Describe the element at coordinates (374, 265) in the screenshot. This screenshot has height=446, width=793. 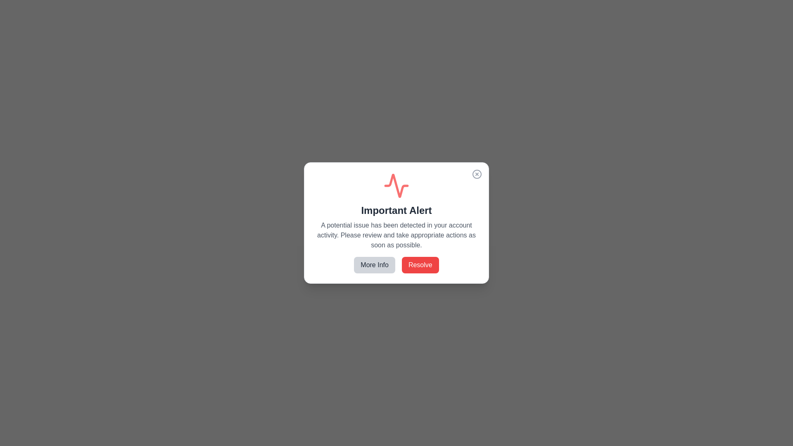
I see `the More Info button to perform the corresponding action` at that location.